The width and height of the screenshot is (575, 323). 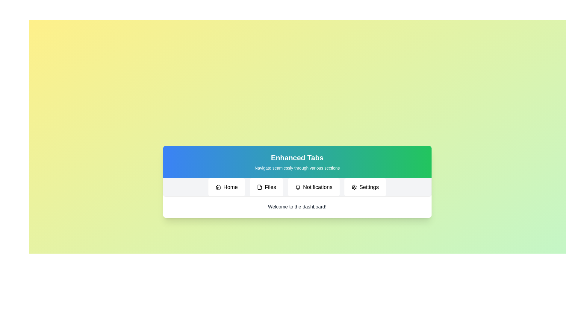 What do you see at coordinates (218, 187) in the screenshot?
I see `the house-shaped icon in the top-left corner of the navigation bar` at bounding box center [218, 187].